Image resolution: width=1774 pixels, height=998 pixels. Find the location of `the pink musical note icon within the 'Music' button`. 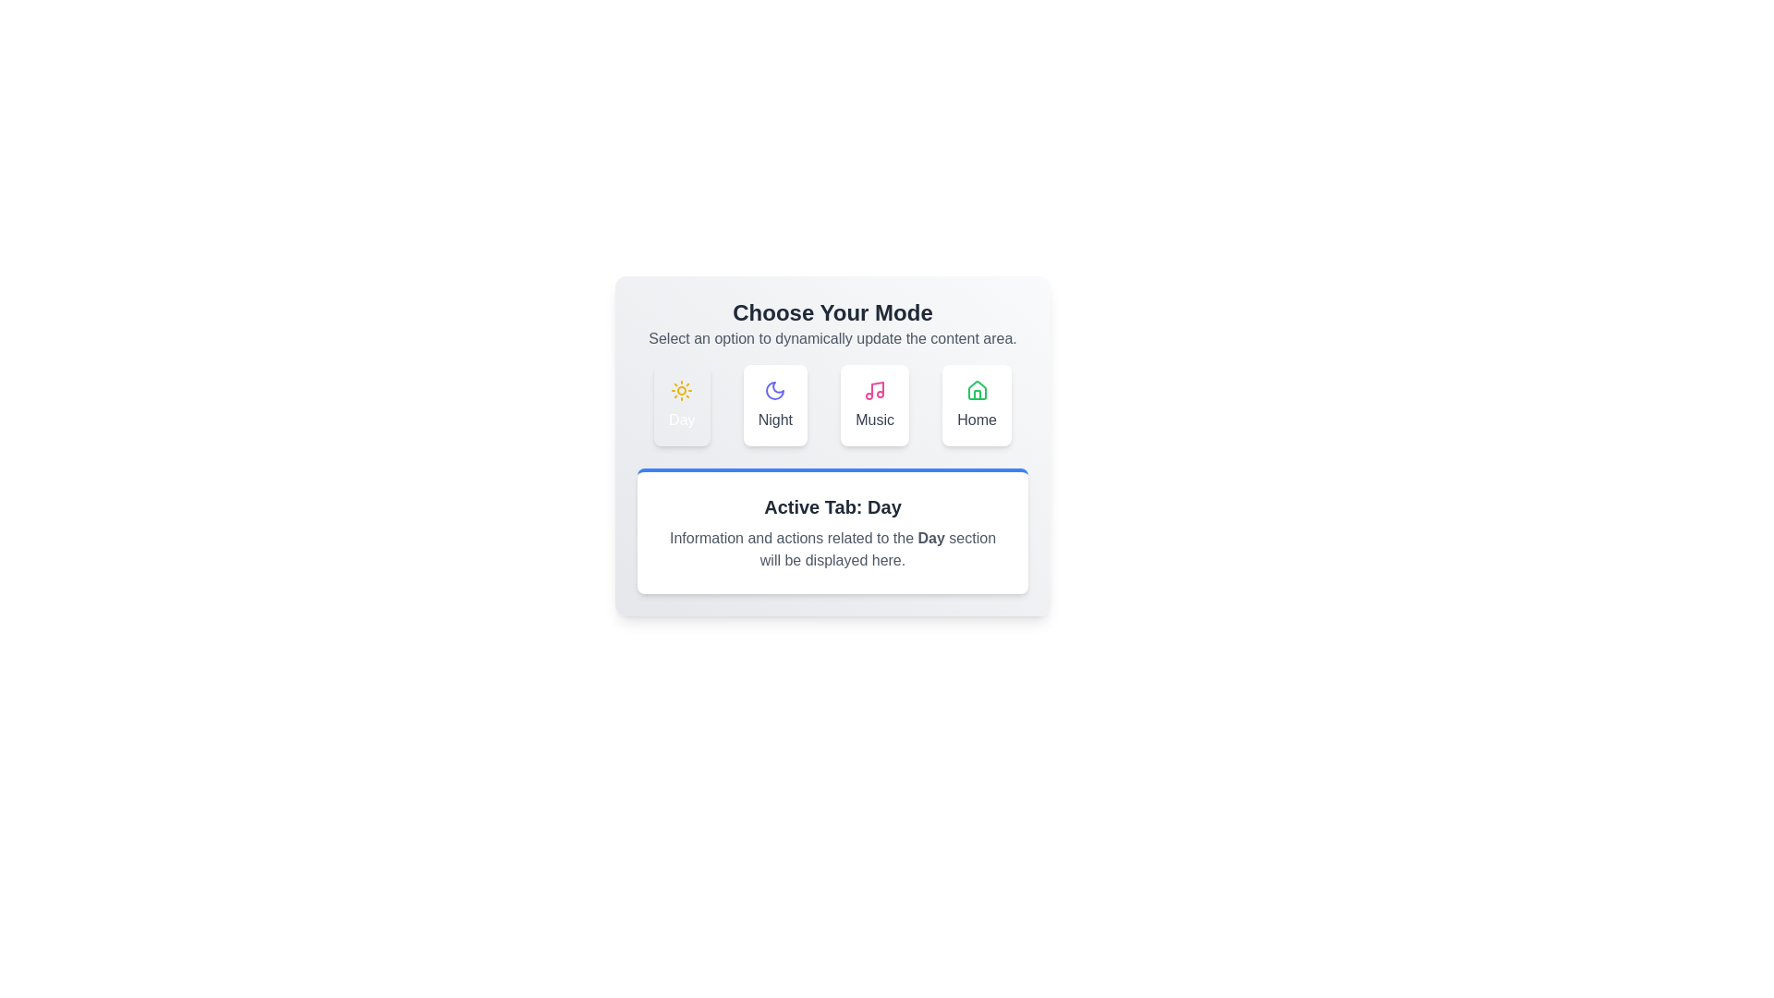

the pink musical note icon within the 'Music' button is located at coordinates (874, 390).